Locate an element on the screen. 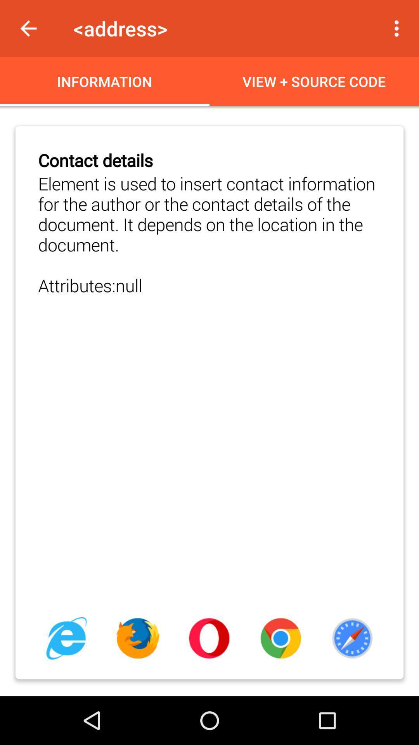 This screenshot has width=419, height=745. item next to <address> item is located at coordinates (28, 28).